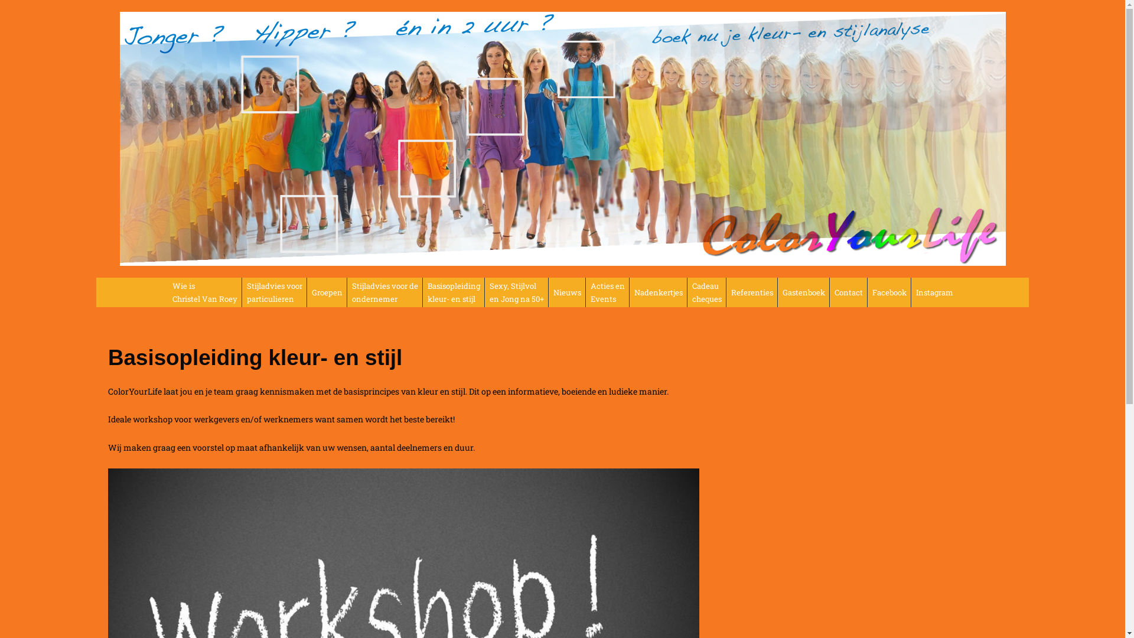  What do you see at coordinates (204, 292) in the screenshot?
I see `'Wie is` at bounding box center [204, 292].